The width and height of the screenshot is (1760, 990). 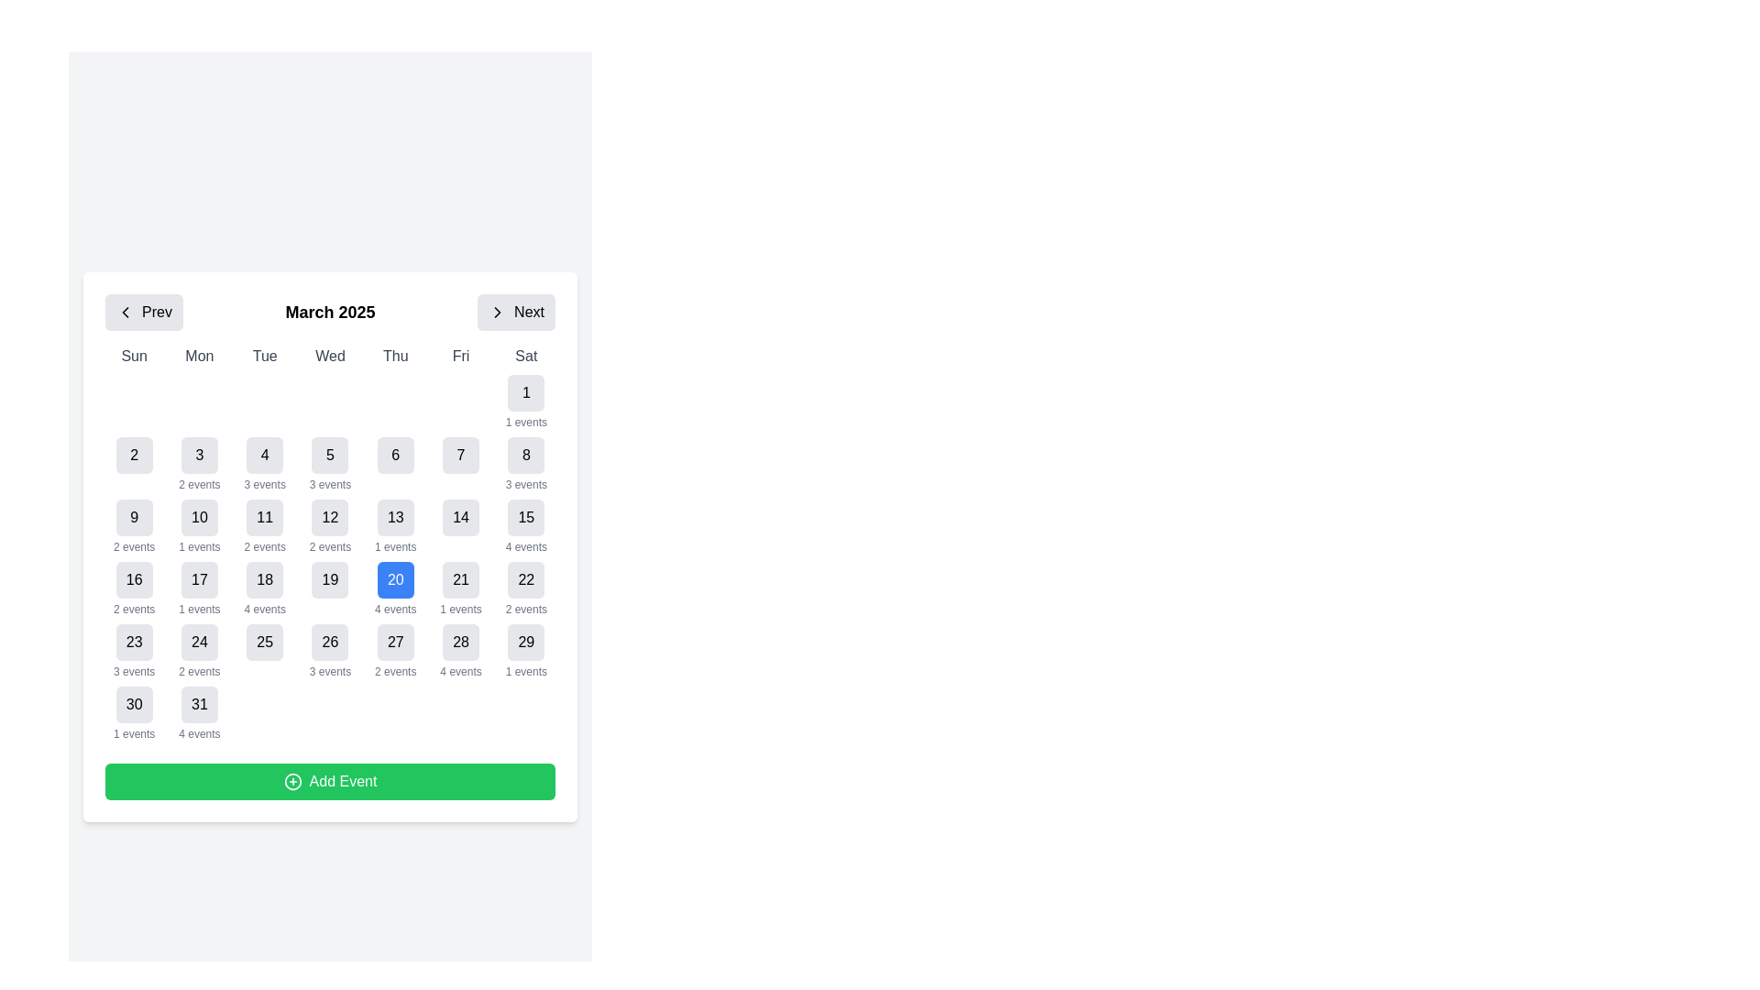 What do you see at coordinates (525, 671) in the screenshot?
I see `the label displaying the number of events scheduled for the date '29', which shows '1 events' and is located at the bottom segment of the calendar grid` at bounding box center [525, 671].